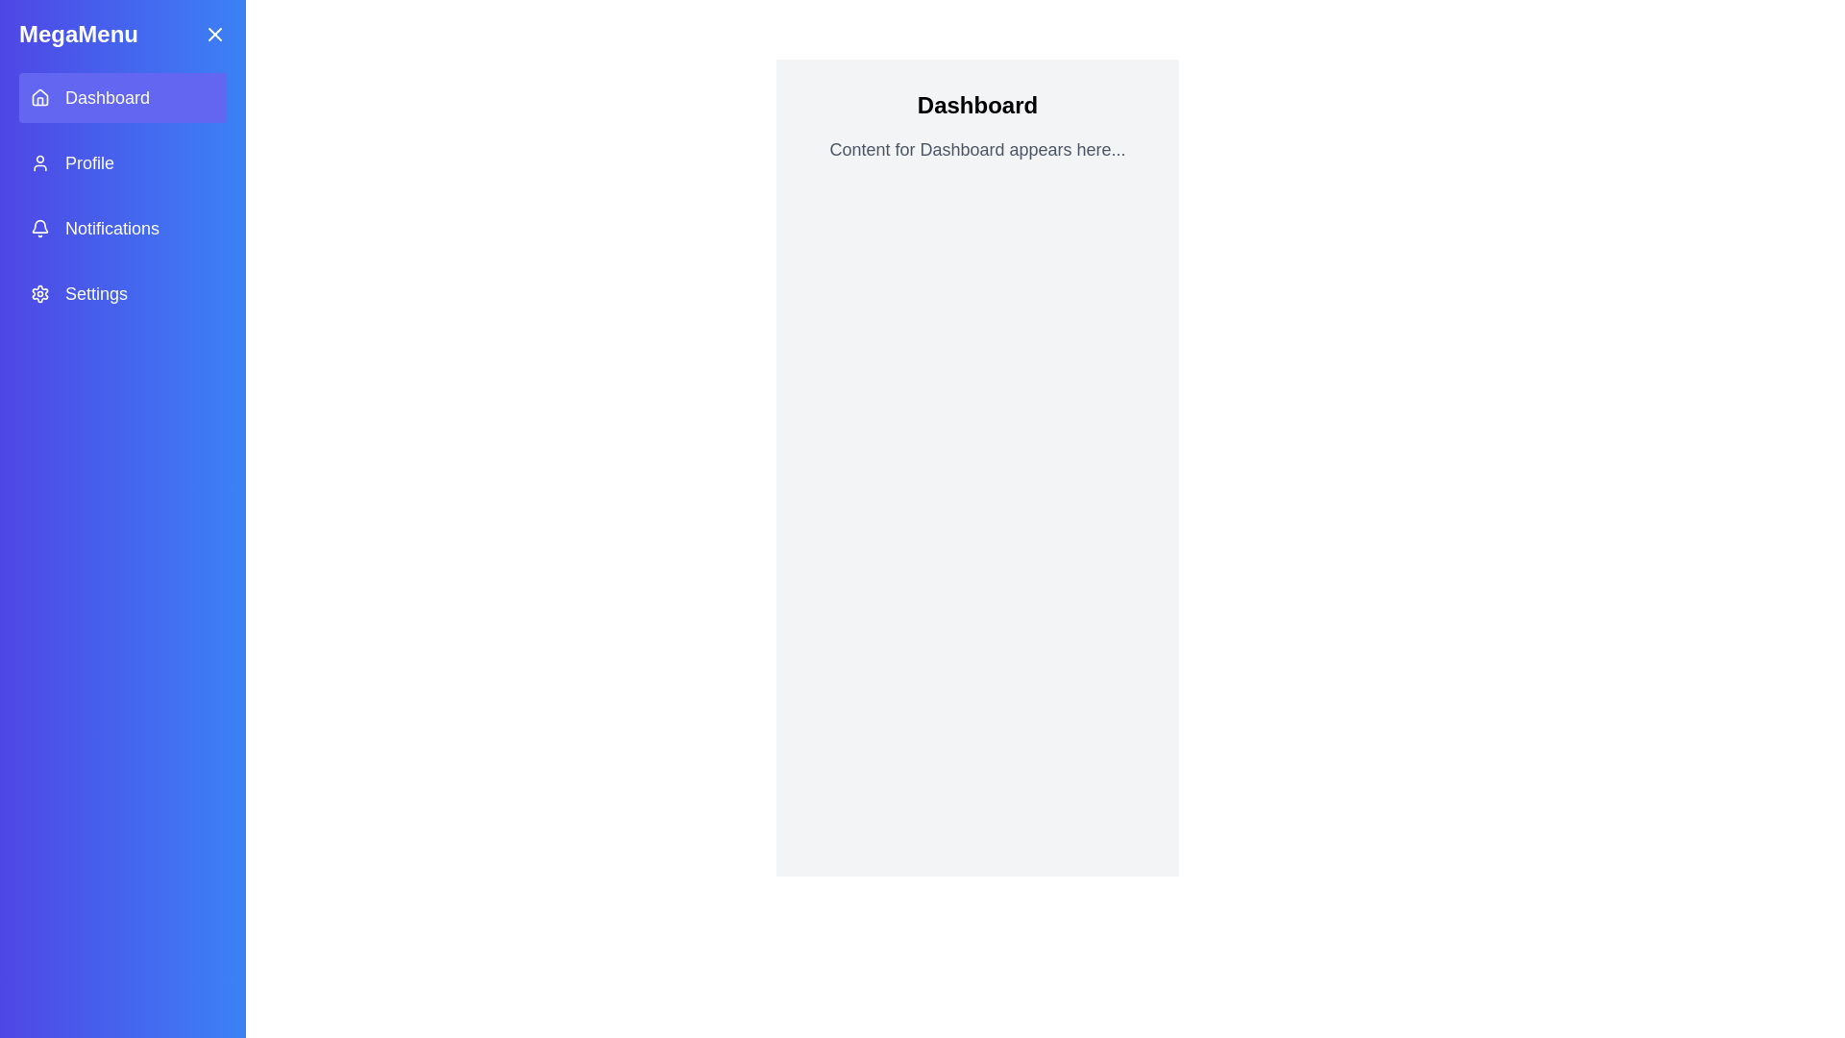 Image resolution: width=1845 pixels, height=1038 pixels. I want to click on the fourth menu item in the sidebar labeled 'MegaMenu', which navigates to the settings options of the application, so click(122, 293).